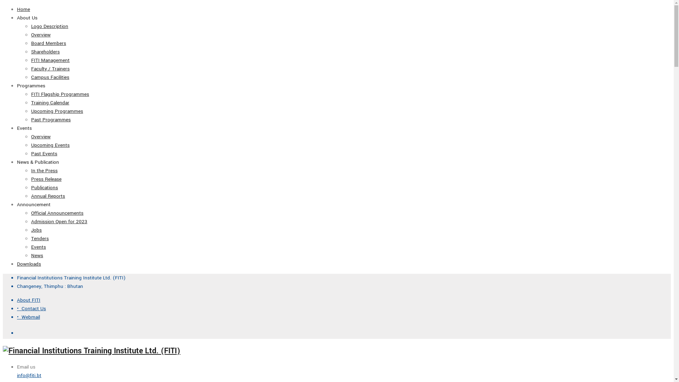 The height and width of the screenshot is (382, 679). Describe the element at coordinates (59, 221) in the screenshot. I see `'Admission Open for 2023'` at that location.